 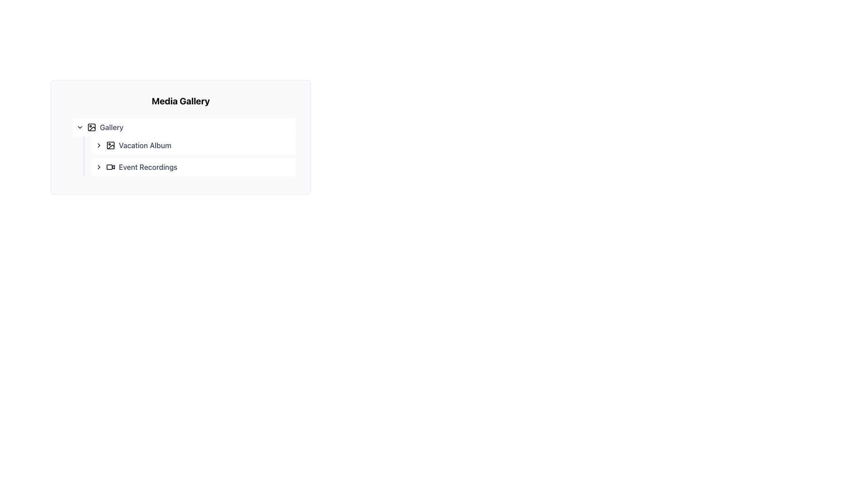 I want to click on the Dropdown Indicator icon located on the left side within the 'Gallery' section, so click(x=80, y=127).